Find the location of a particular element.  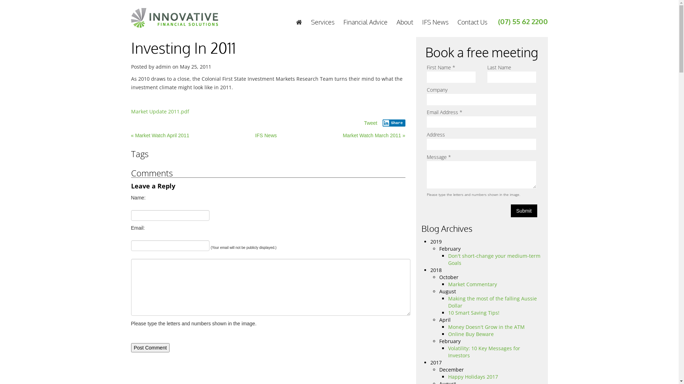

'Market Update 2011.pdf' is located at coordinates (160, 111).